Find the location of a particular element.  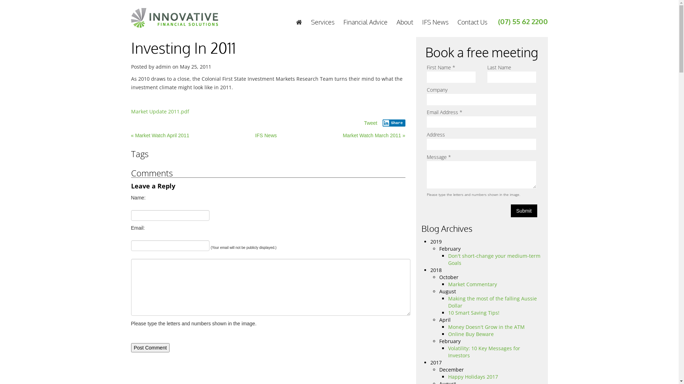

'Market Update 2011.pdf' is located at coordinates (160, 111).